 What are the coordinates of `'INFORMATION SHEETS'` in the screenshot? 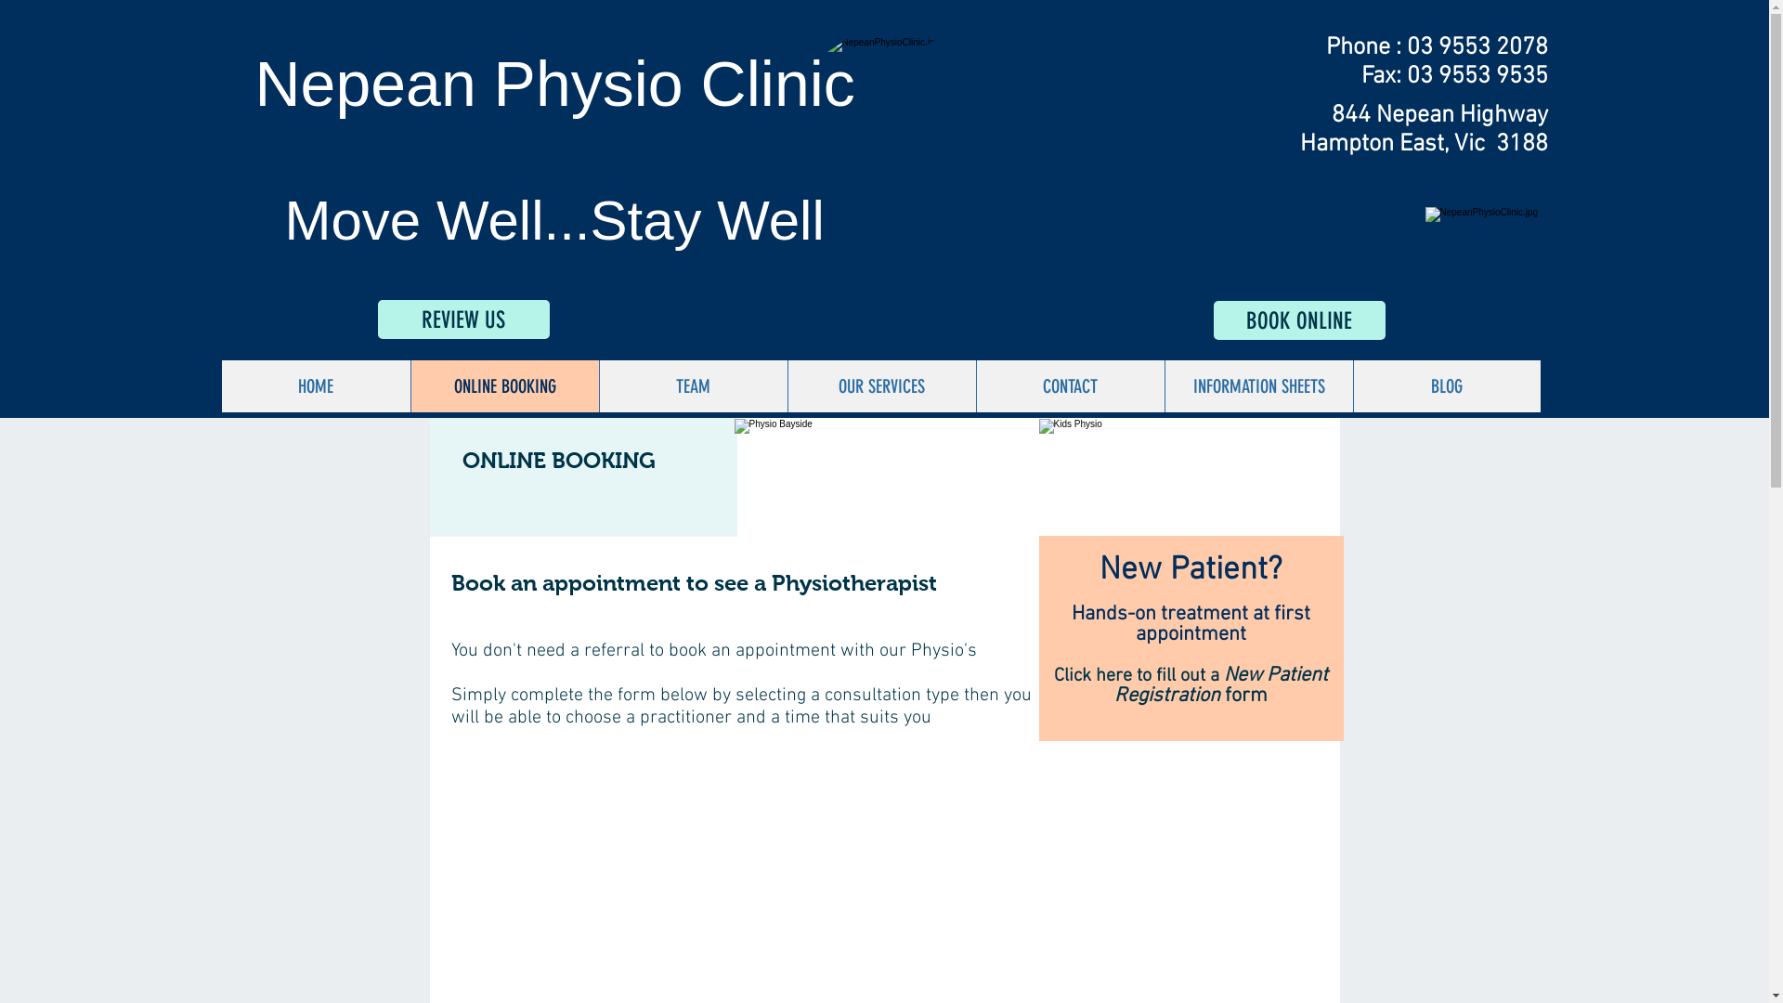 It's located at (1163, 385).